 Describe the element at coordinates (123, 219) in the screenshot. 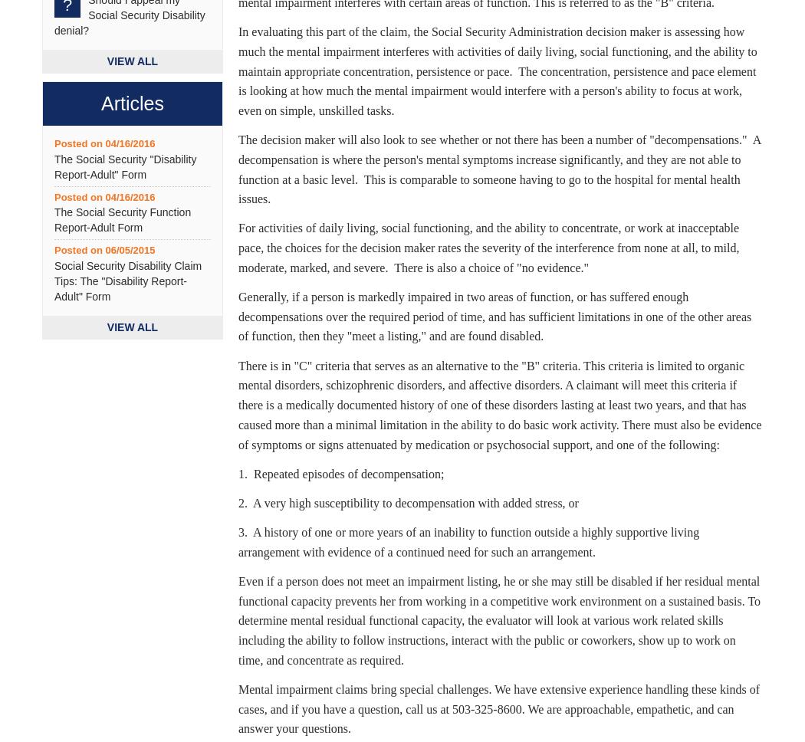

I see `'The Social Security Function Report-Adult Form'` at that location.